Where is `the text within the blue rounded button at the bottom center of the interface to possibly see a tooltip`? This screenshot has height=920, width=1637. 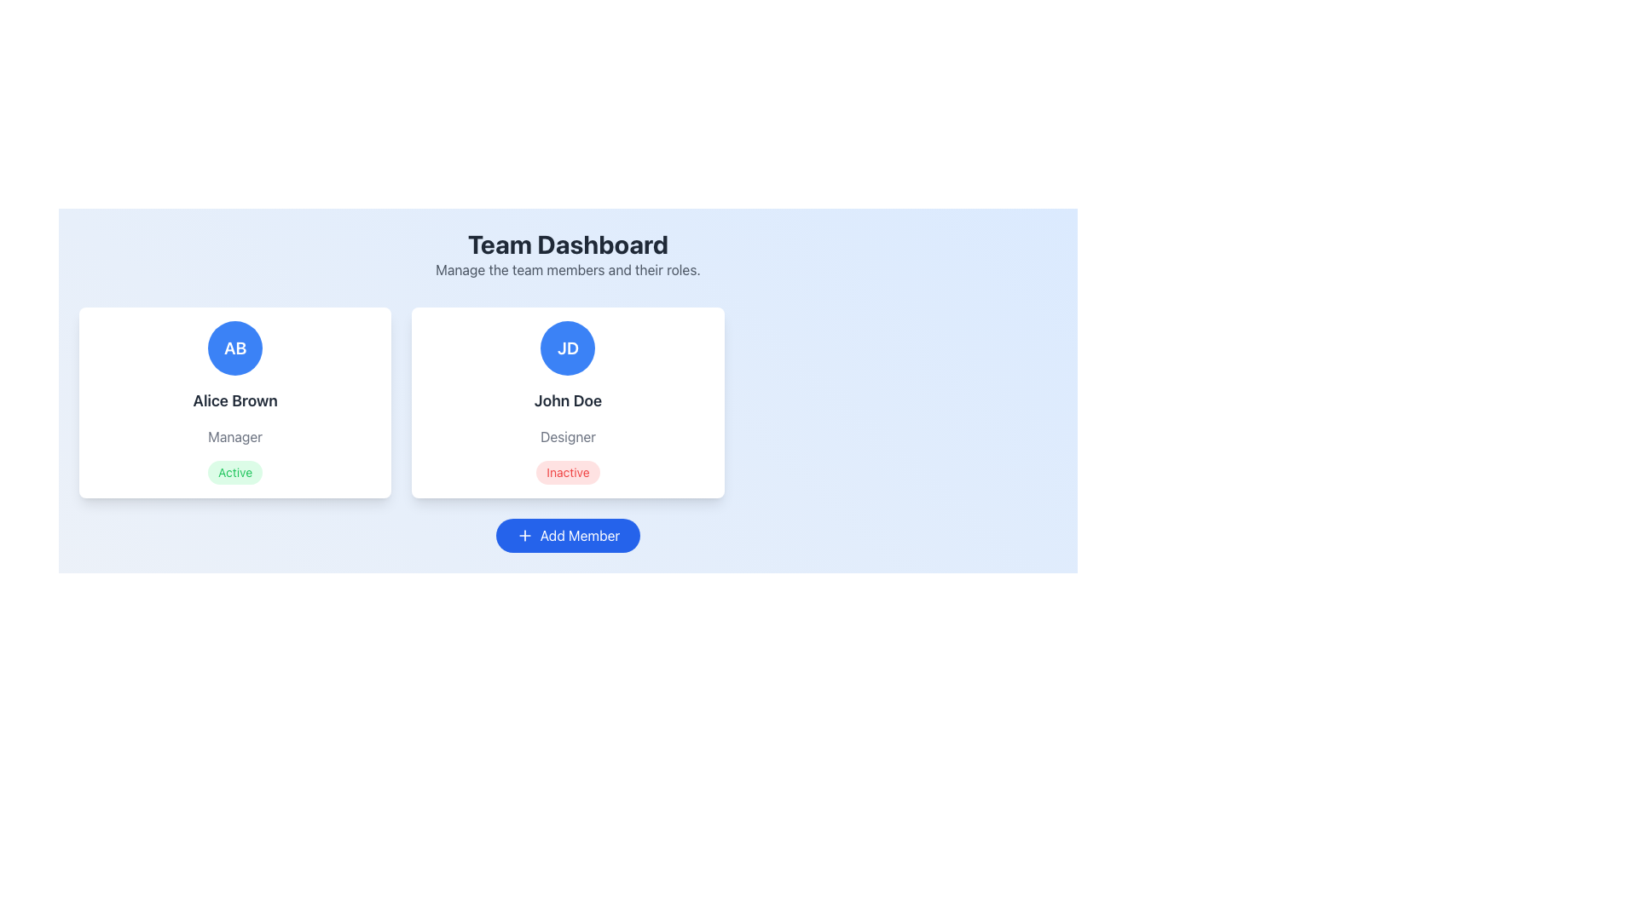 the text within the blue rounded button at the bottom center of the interface to possibly see a tooltip is located at coordinates (580, 534).